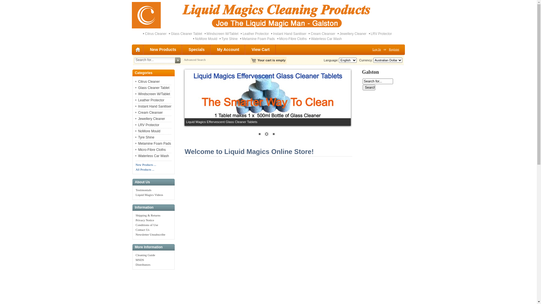  Describe the element at coordinates (241, 33) in the screenshot. I see `'Leather Protector'` at that location.